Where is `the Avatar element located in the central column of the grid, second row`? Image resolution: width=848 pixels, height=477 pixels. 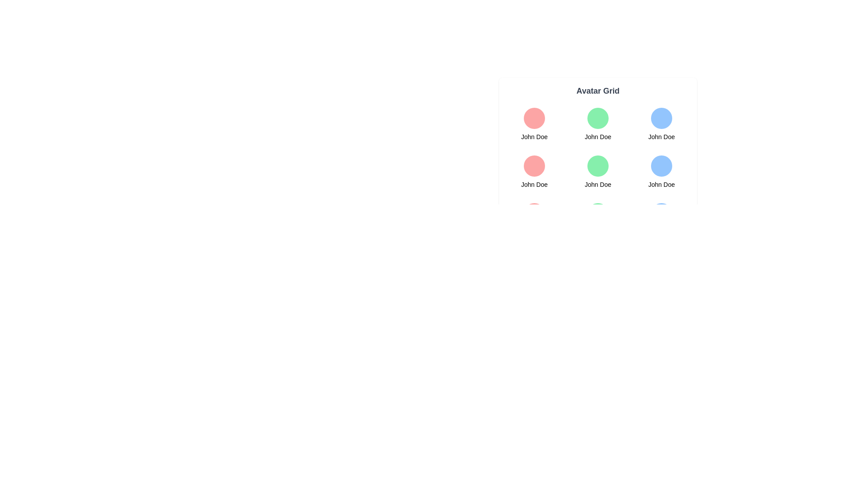
the Avatar element located in the central column of the grid, second row is located at coordinates (598, 172).